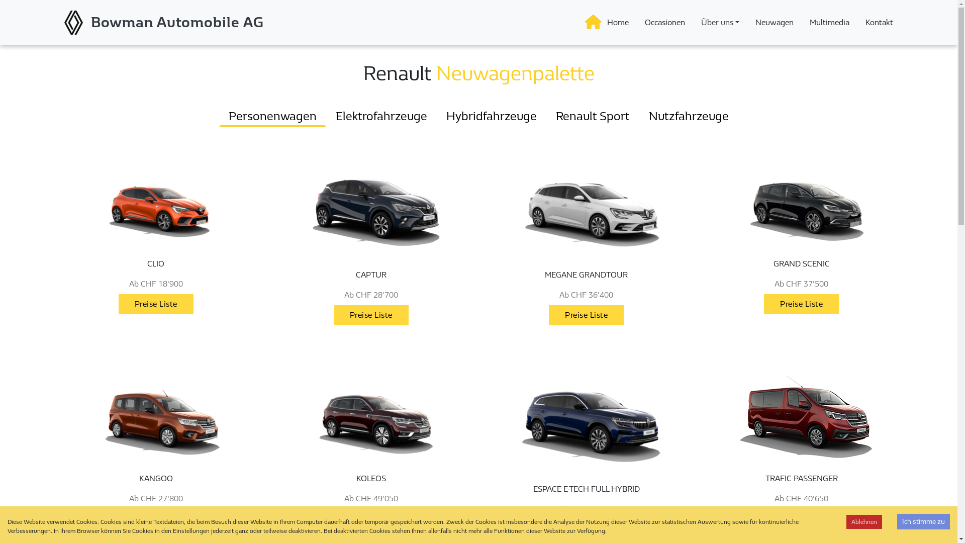  Describe the element at coordinates (177, 23) in the screenshot. I see `'Bowman Automobile AG'` at that location.